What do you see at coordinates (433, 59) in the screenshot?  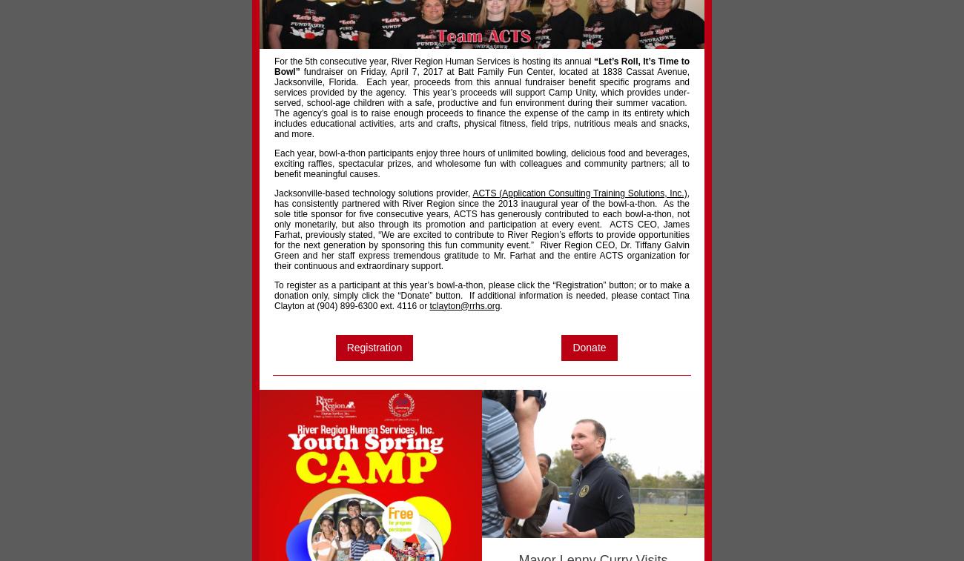 I see `'For the 5th consecutive year, River Region Human Services is hosting its annual'` at bounding box center [433, 59].